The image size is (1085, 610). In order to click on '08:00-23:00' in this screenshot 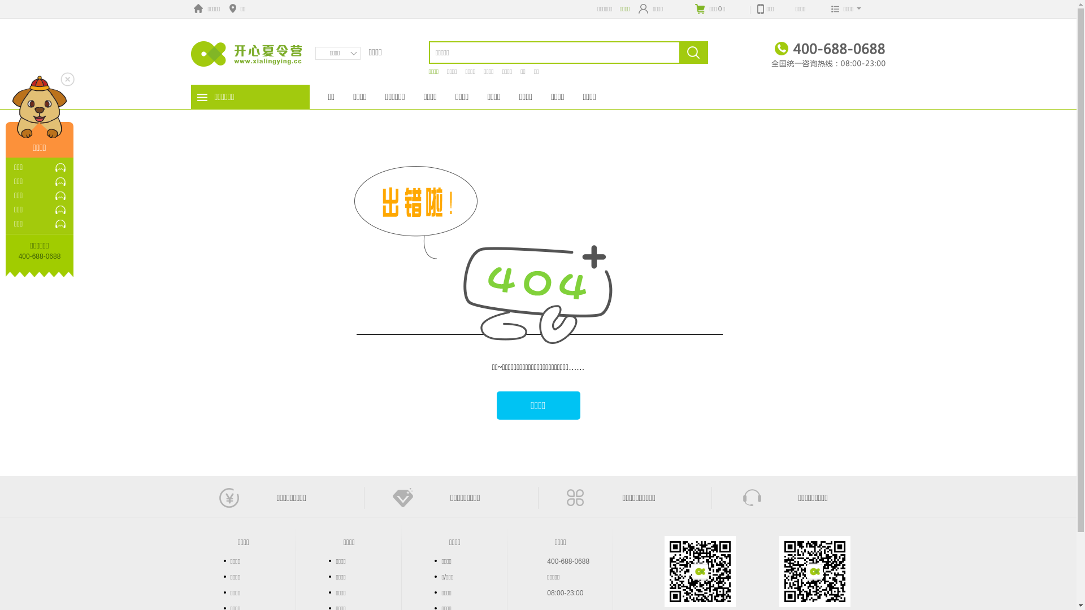, I will do `click(565, 592)`.